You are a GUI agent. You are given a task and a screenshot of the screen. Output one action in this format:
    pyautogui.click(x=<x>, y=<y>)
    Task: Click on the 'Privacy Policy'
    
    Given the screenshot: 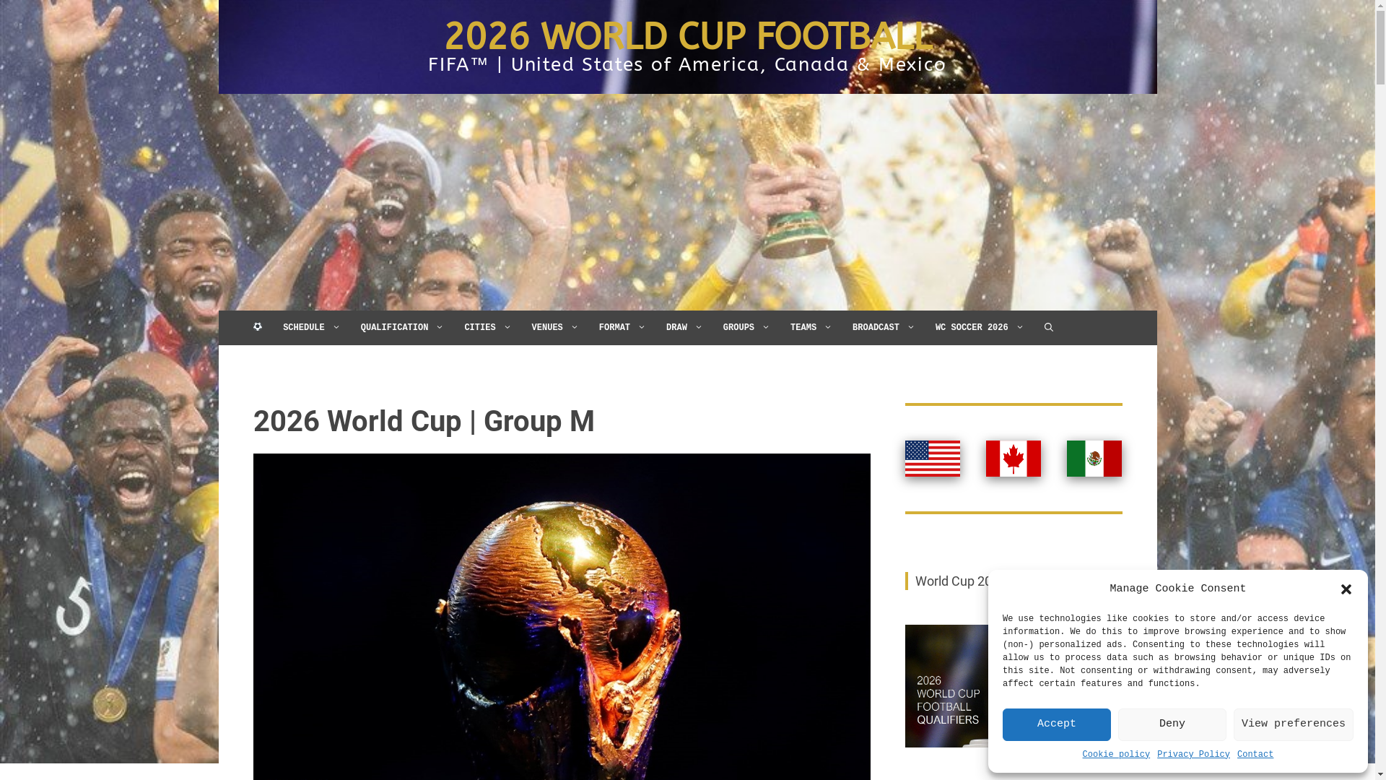 What is the action you would take?
    pyautogui.click(x=1193, y=754)
    